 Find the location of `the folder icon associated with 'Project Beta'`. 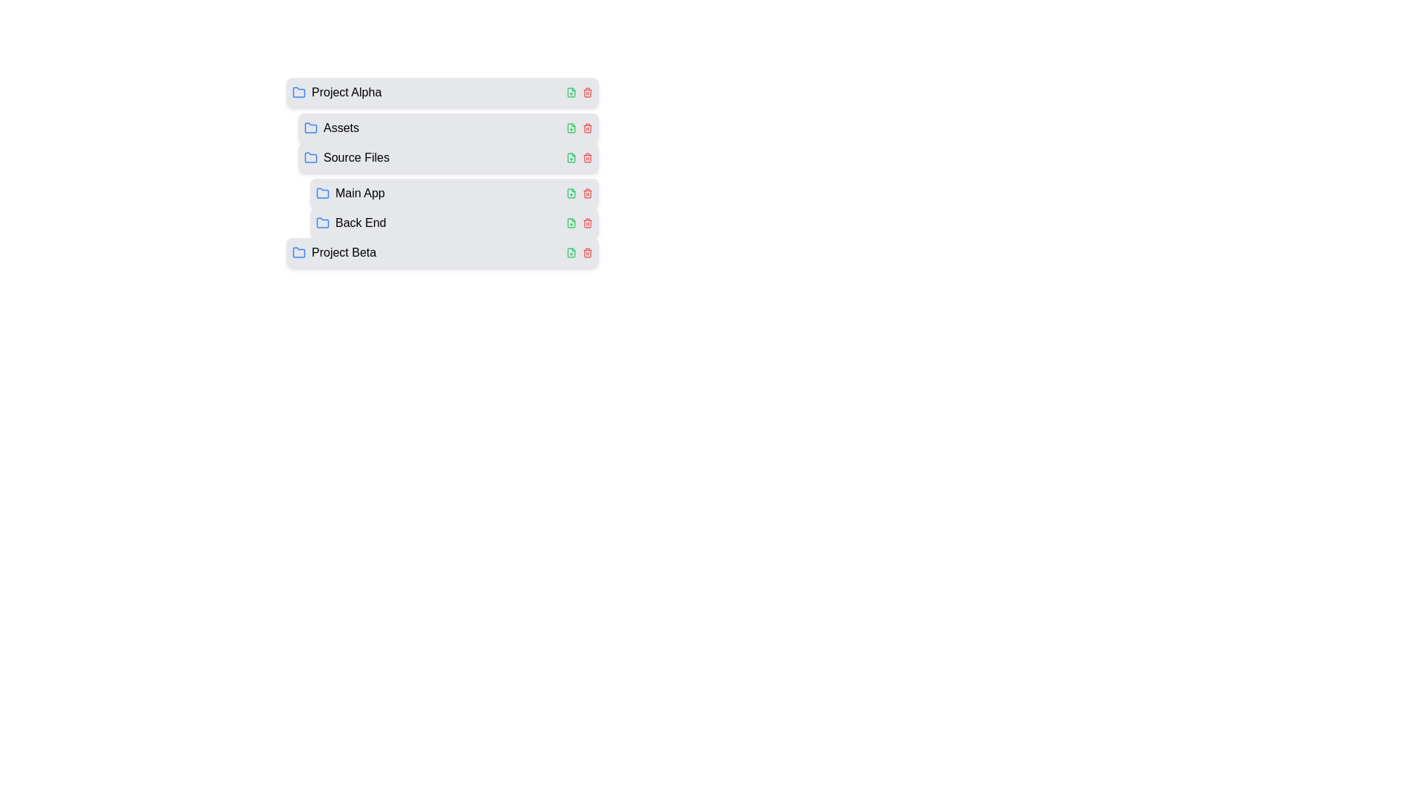

the folder icon associated with 'Project Beta' is located at coordinates (298, 251).